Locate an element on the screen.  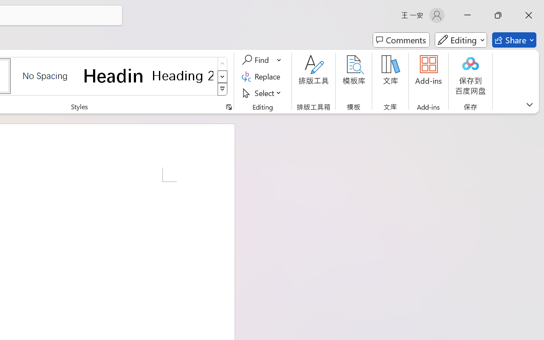
'Styles' is located at coordinates (222, 89).